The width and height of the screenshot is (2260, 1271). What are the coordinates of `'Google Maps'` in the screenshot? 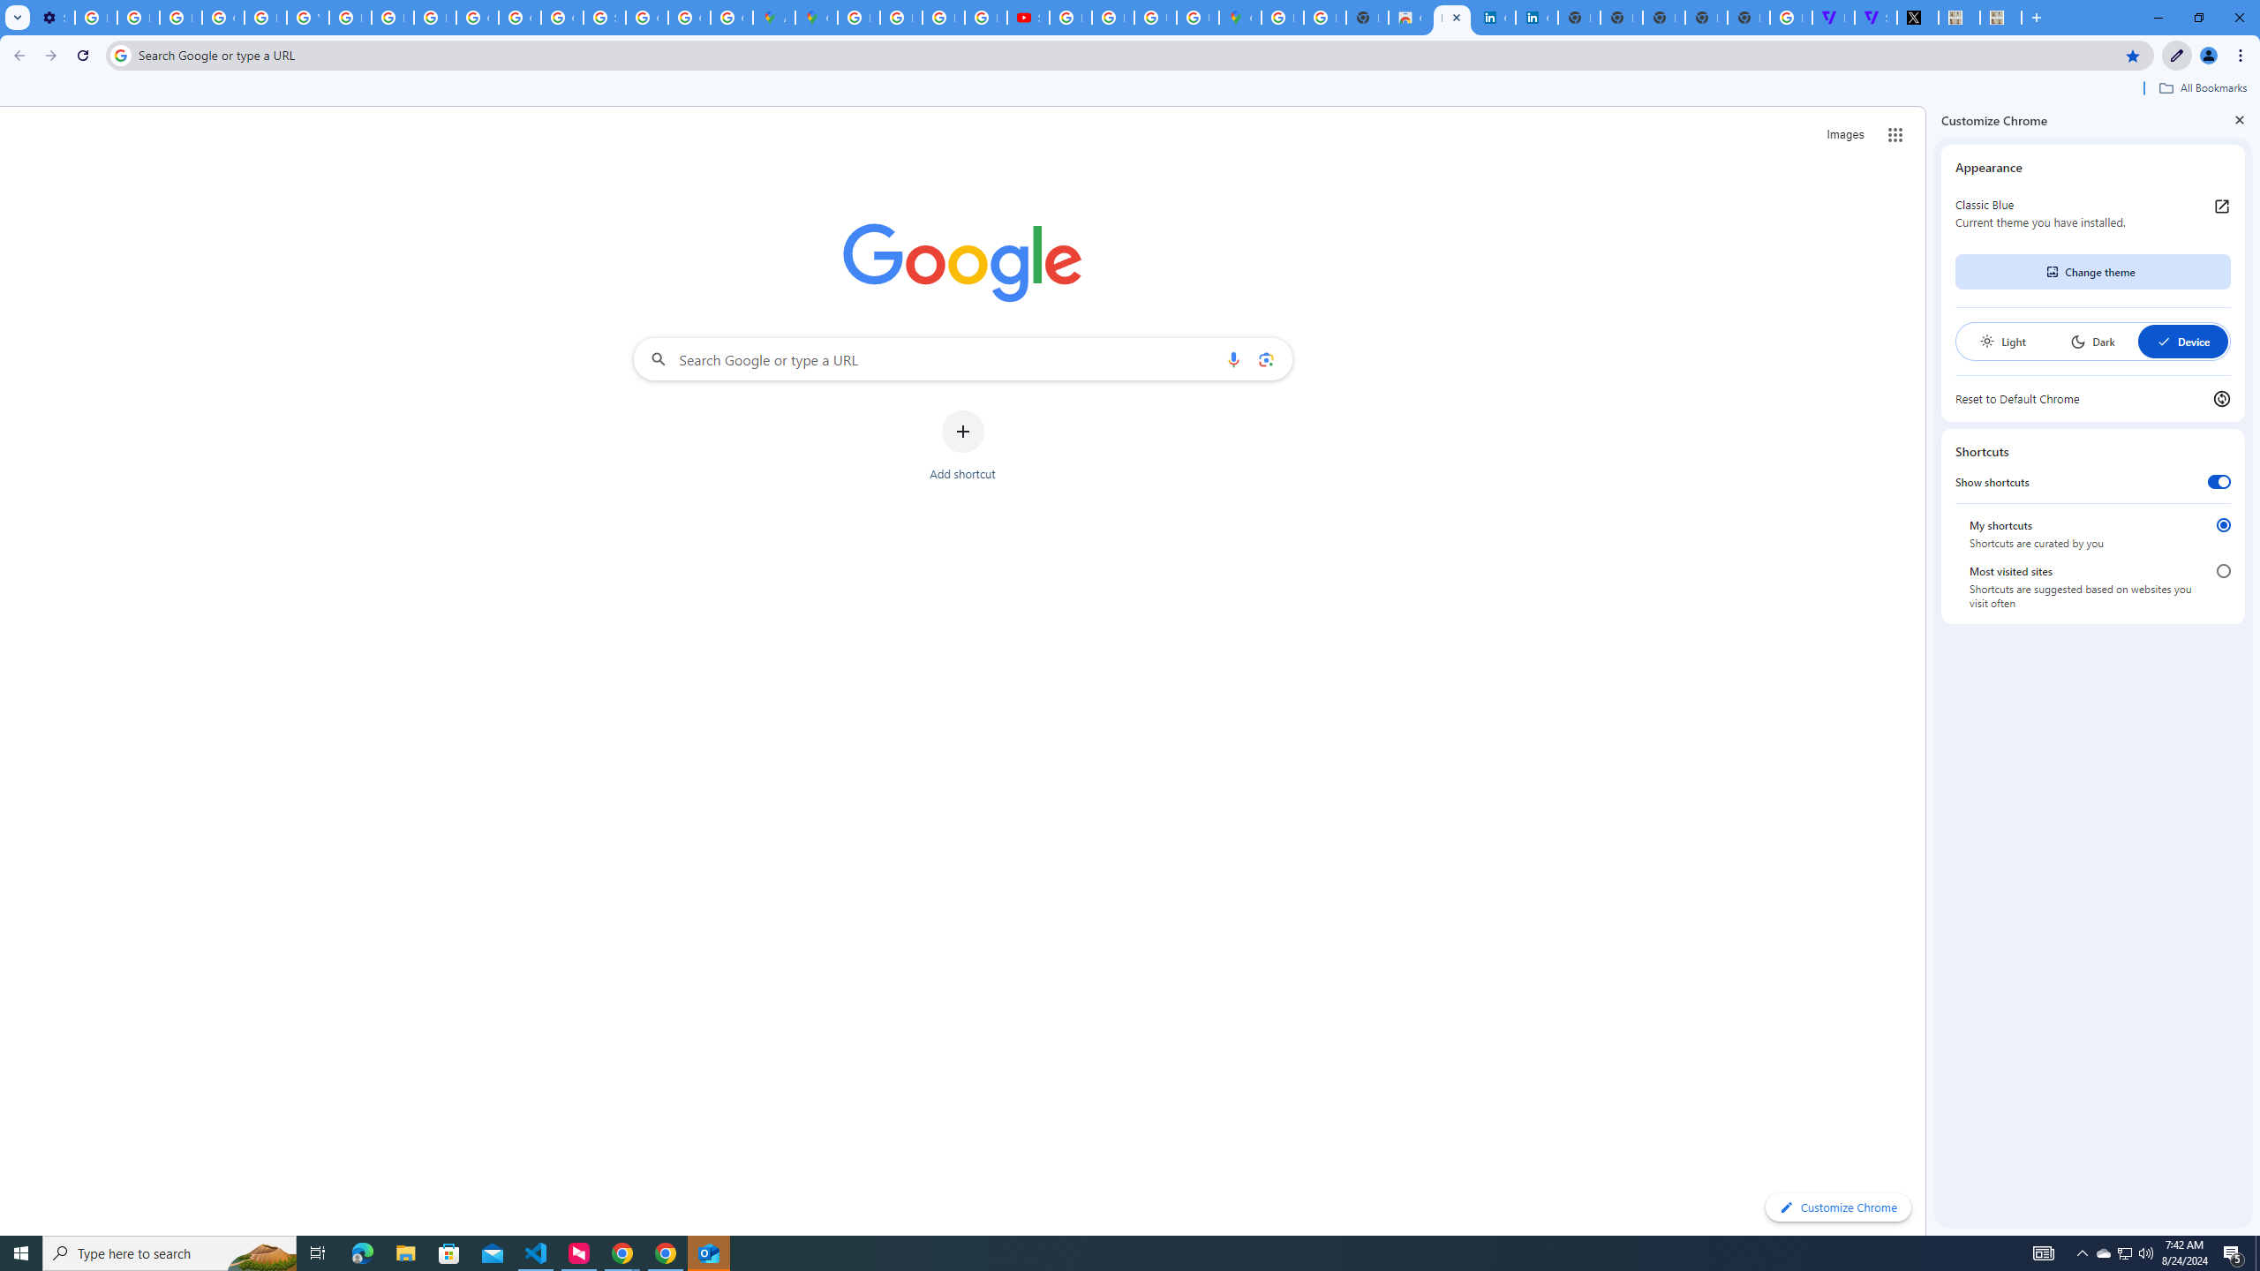 It's located at (816, 17).